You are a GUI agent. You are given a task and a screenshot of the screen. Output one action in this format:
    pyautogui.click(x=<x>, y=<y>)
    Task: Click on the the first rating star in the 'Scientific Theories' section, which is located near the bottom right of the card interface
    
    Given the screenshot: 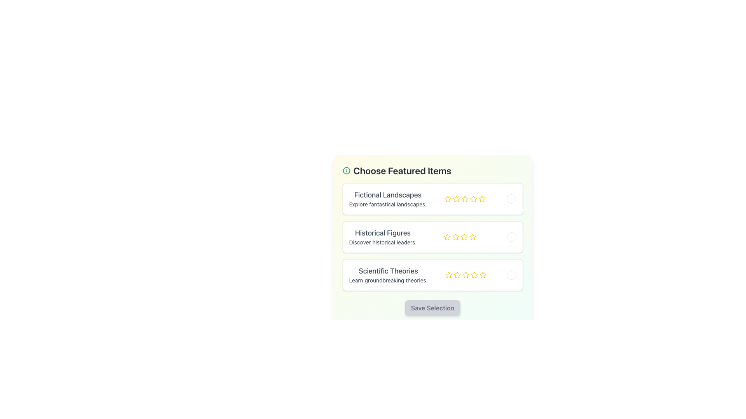 What is the action you would take?
    pyautogui.click(x=448, y=275)
    